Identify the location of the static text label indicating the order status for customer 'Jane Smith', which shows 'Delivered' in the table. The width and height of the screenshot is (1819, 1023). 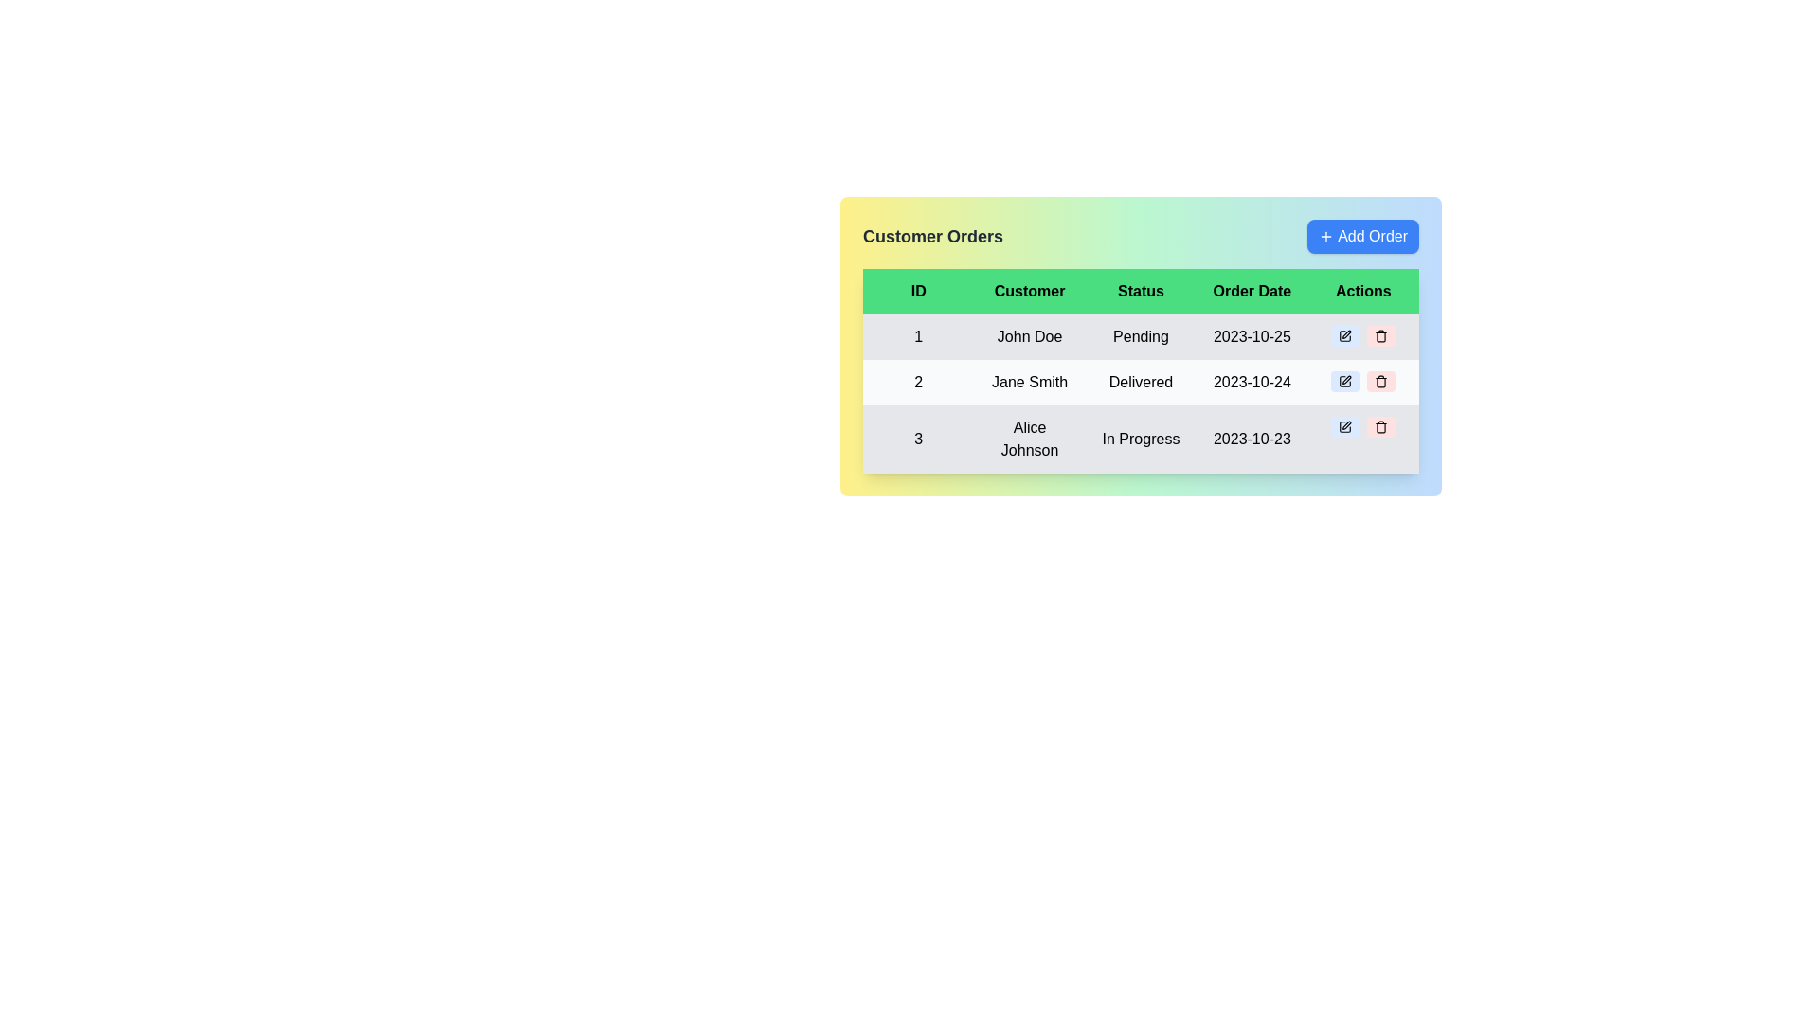
(1140, 383).